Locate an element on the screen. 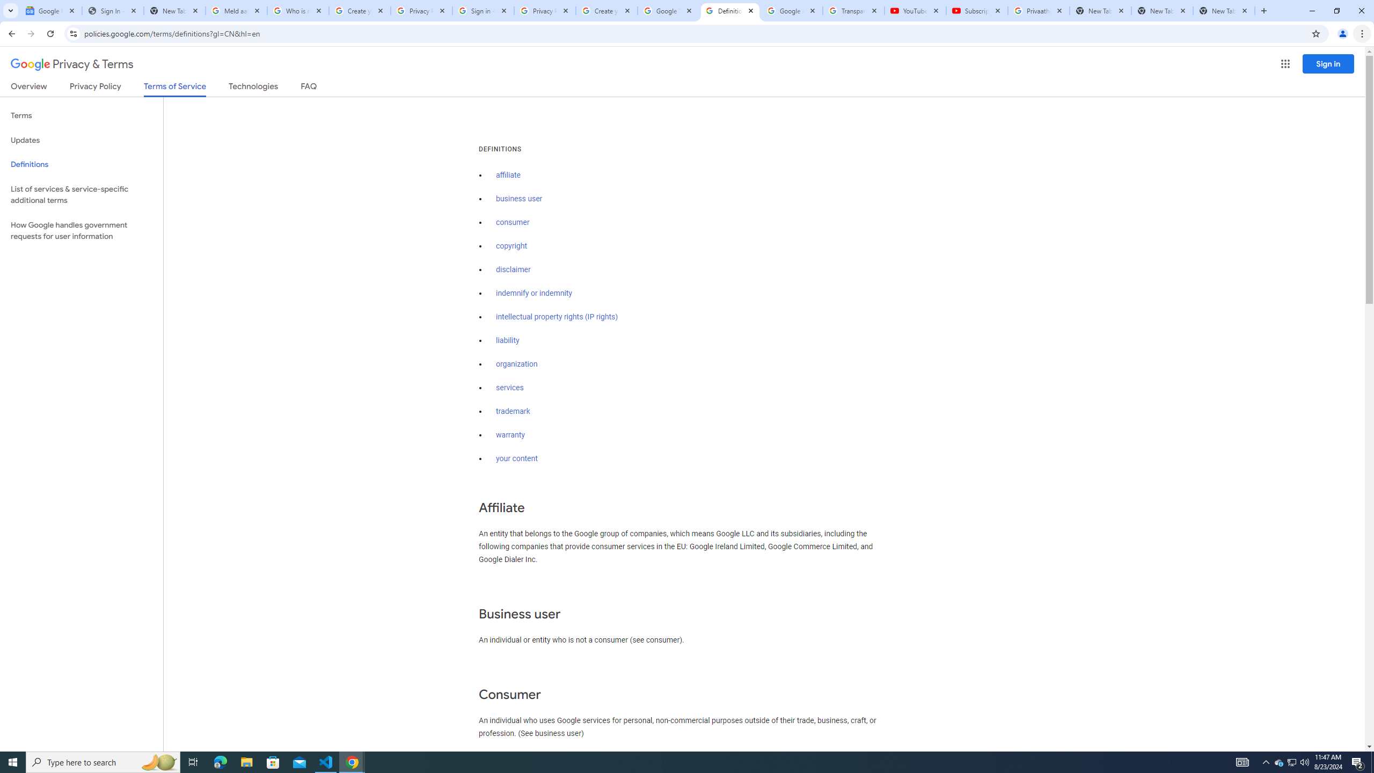 The image size is (1374, 773). 'New Tab' is located at coordinates (1223, 10).